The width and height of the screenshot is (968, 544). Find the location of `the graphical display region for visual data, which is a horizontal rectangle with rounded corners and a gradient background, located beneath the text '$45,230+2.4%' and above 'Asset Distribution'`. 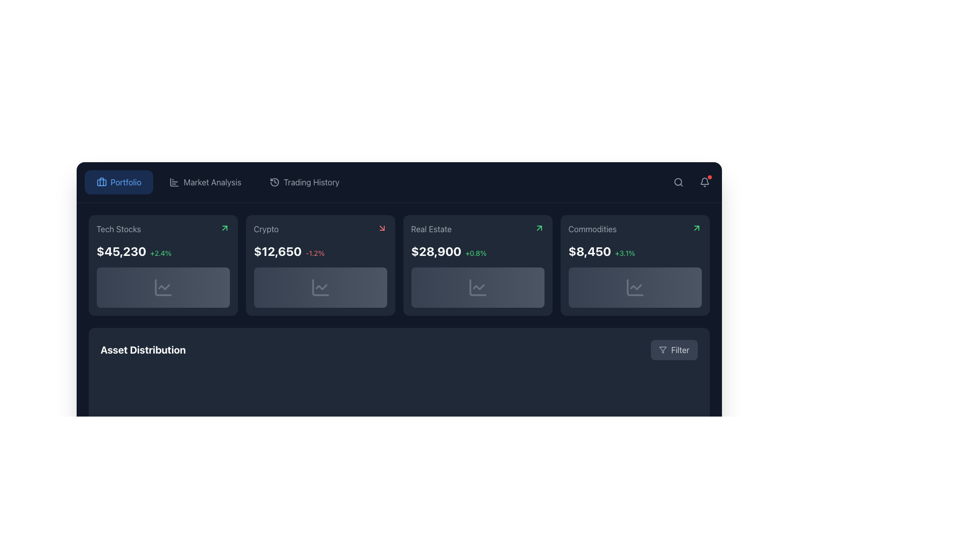

the graphical display region for visual data, which is a horizontal rectangle with rounded corners and a gradient background, located beneath the text '$45,230+2.4%' and above 'Asset Distribution' is located at coordinates (163, 287).